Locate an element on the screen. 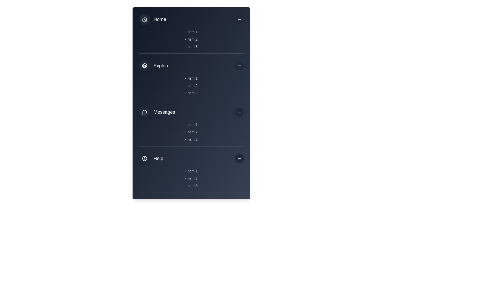  the Decorative SVG circle component that represents the 'Earth' icon in the 'Explore' section of the navigation menu is located at coordinates (145, 65).